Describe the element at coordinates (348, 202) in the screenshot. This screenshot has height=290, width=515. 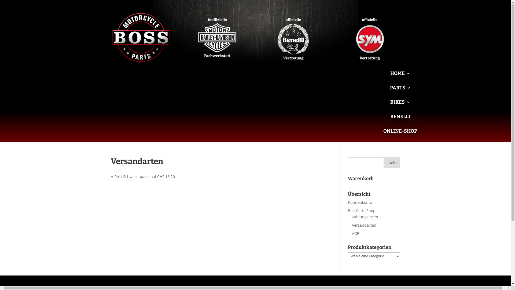
I see `'Kundenkonto'` at that location.